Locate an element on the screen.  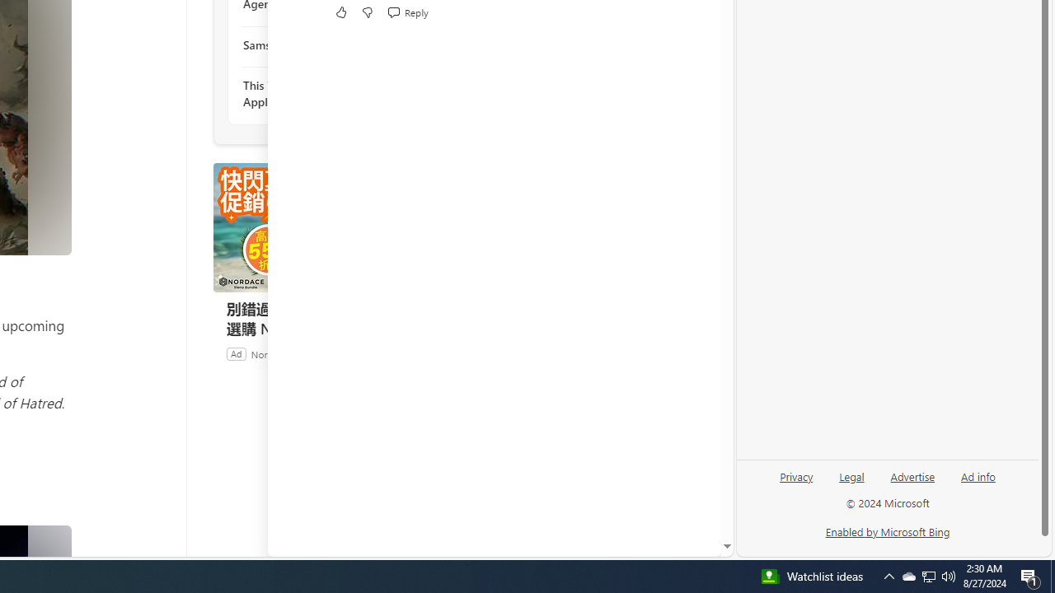
'Like' is located at coordinates (340, 12).